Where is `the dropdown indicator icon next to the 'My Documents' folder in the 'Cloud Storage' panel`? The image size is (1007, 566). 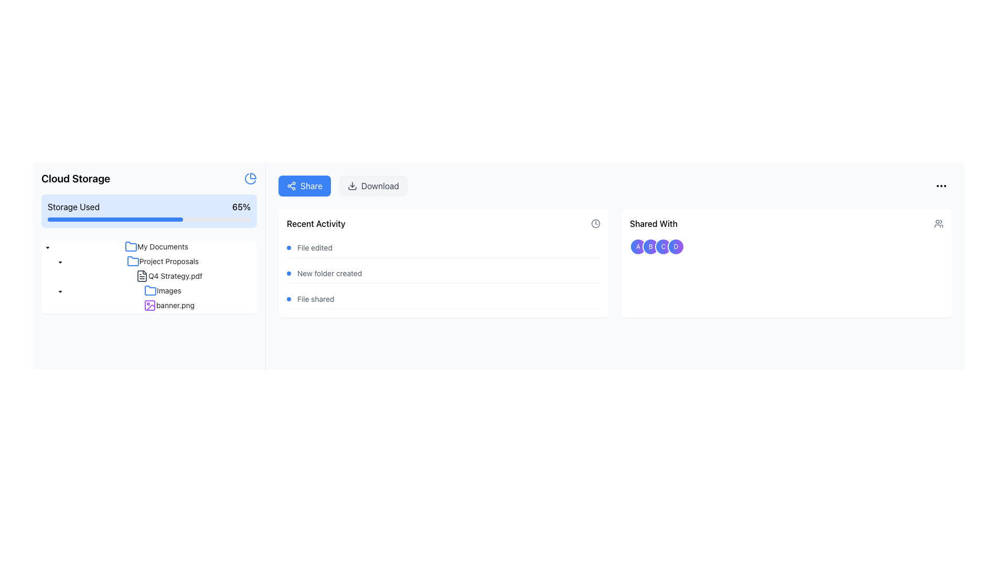 the dropdown indicator icon next to the 'My Documents' folder in the 'Cloud Storage' panel is located at coordinates (60, 262).